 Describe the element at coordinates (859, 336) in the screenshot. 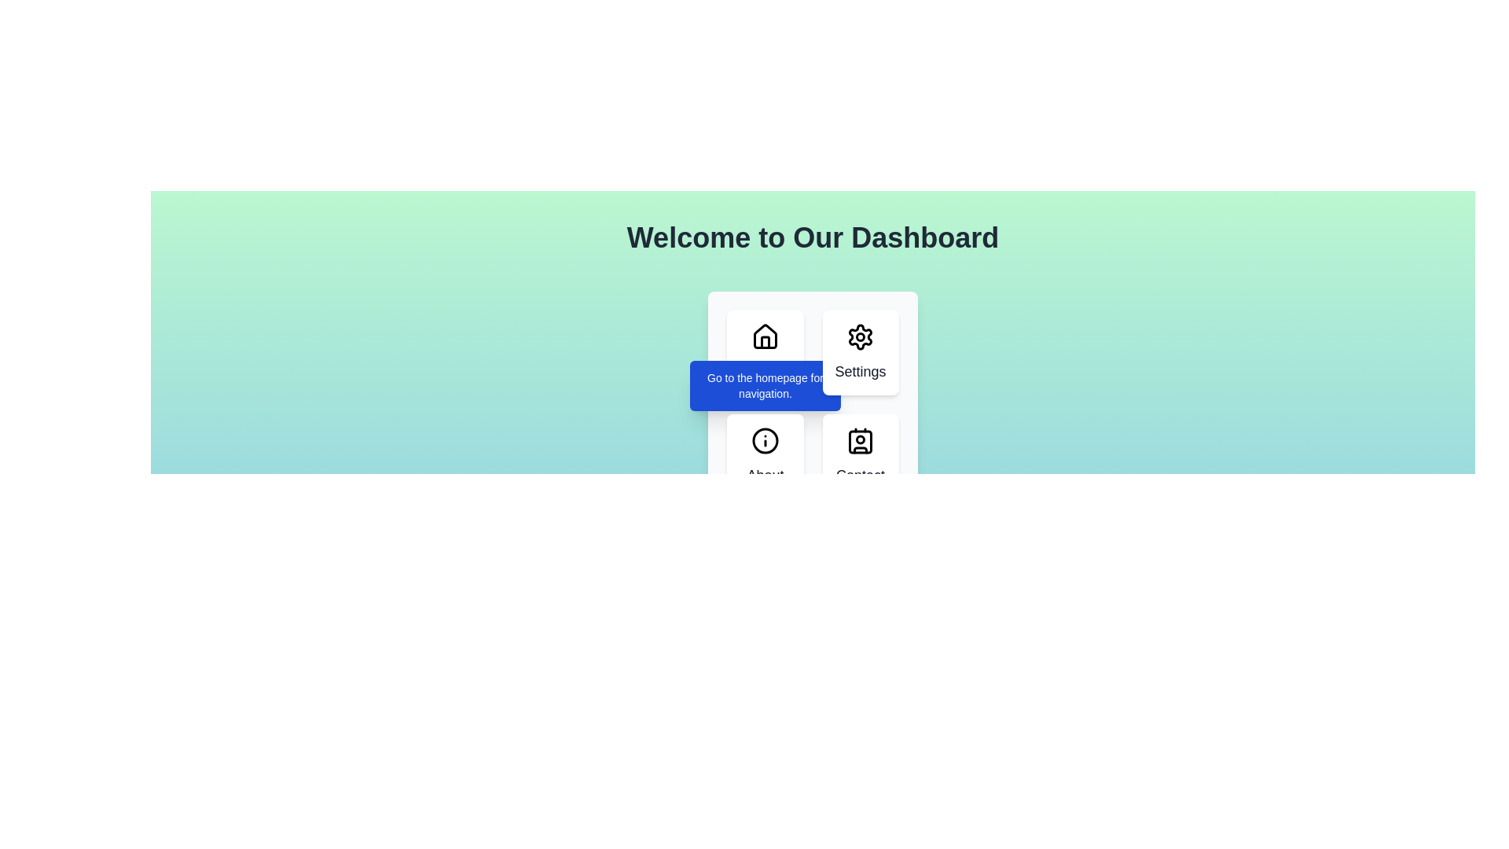

I see `the decorative circular component located centrally within the gear icon of the settings button in the top-right quadrant of the navigation card` at that location.